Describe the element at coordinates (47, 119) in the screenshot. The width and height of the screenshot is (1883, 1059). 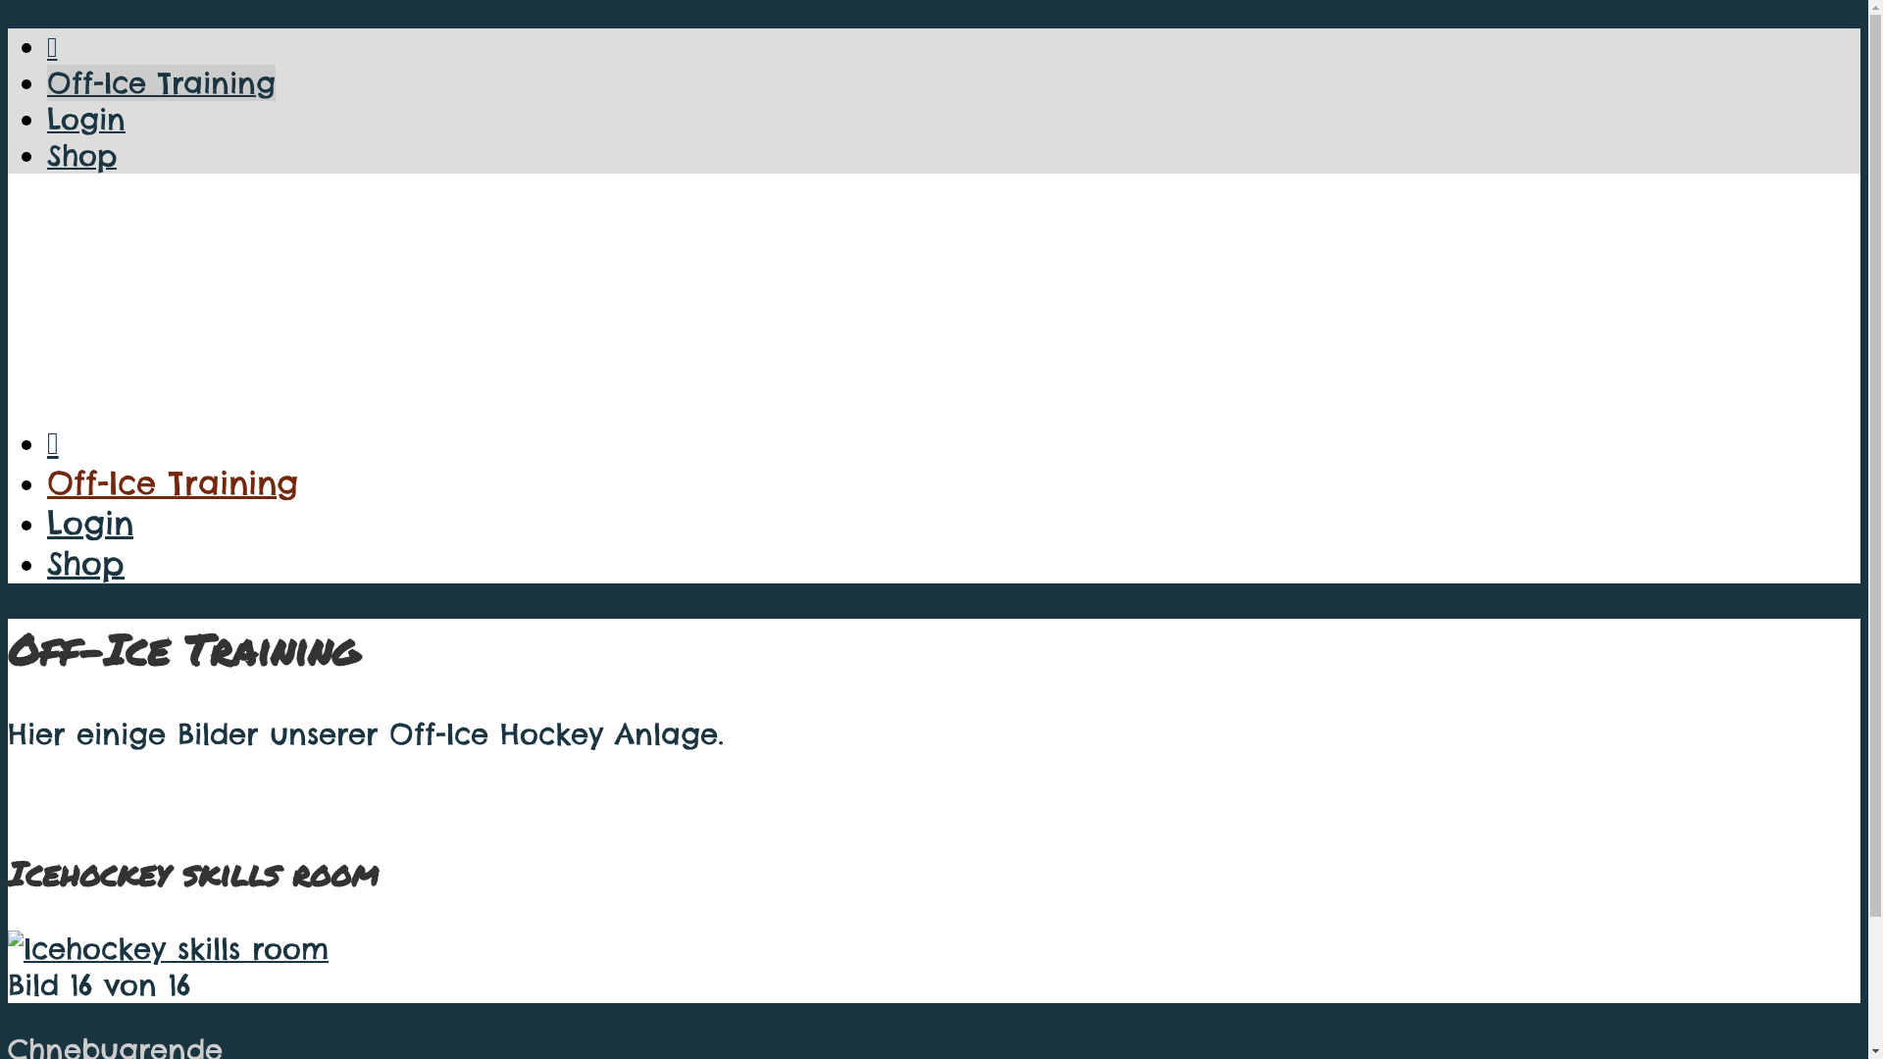
I see `'Login'` at that location.